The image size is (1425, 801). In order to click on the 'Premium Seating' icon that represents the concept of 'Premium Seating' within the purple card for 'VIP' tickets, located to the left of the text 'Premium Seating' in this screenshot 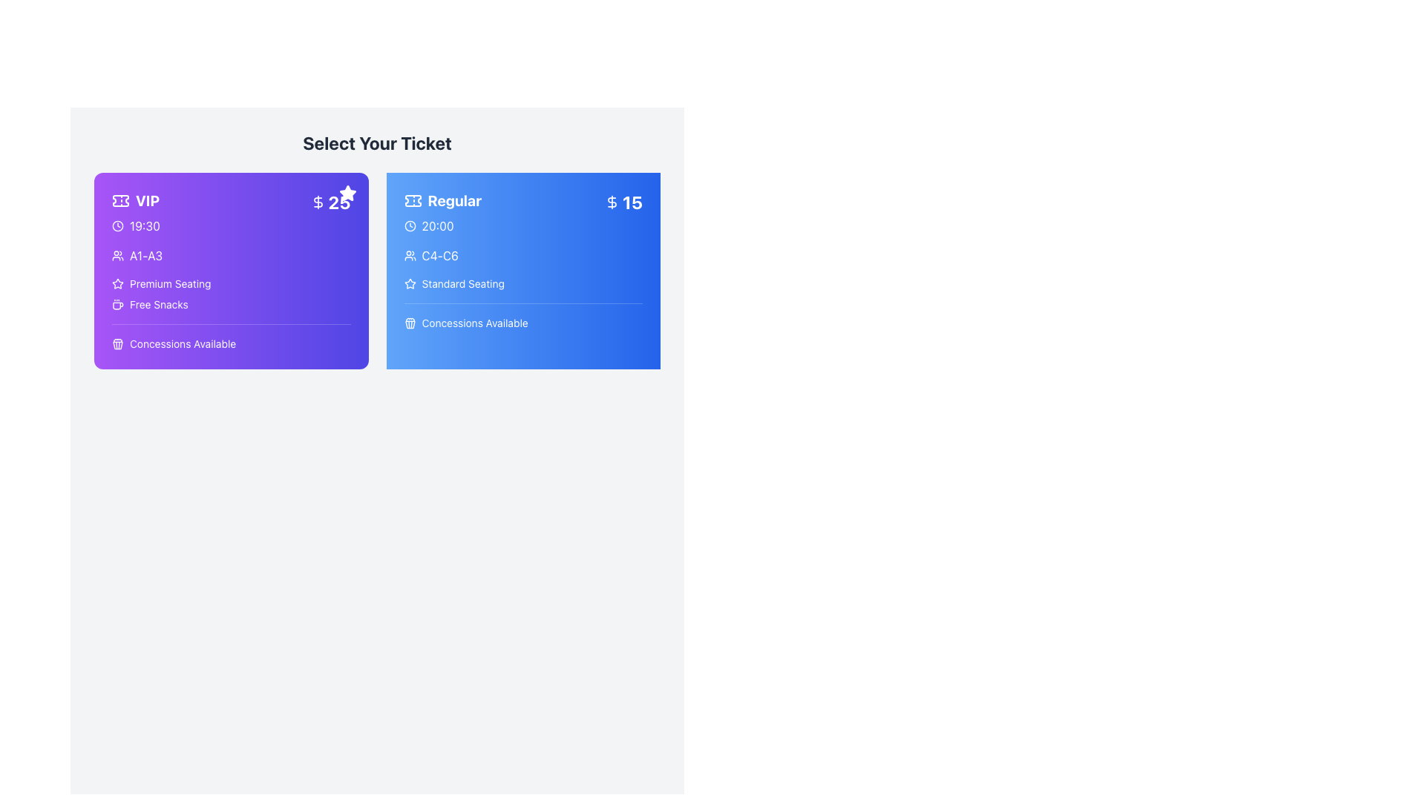, I will do `click(117, 283)`.